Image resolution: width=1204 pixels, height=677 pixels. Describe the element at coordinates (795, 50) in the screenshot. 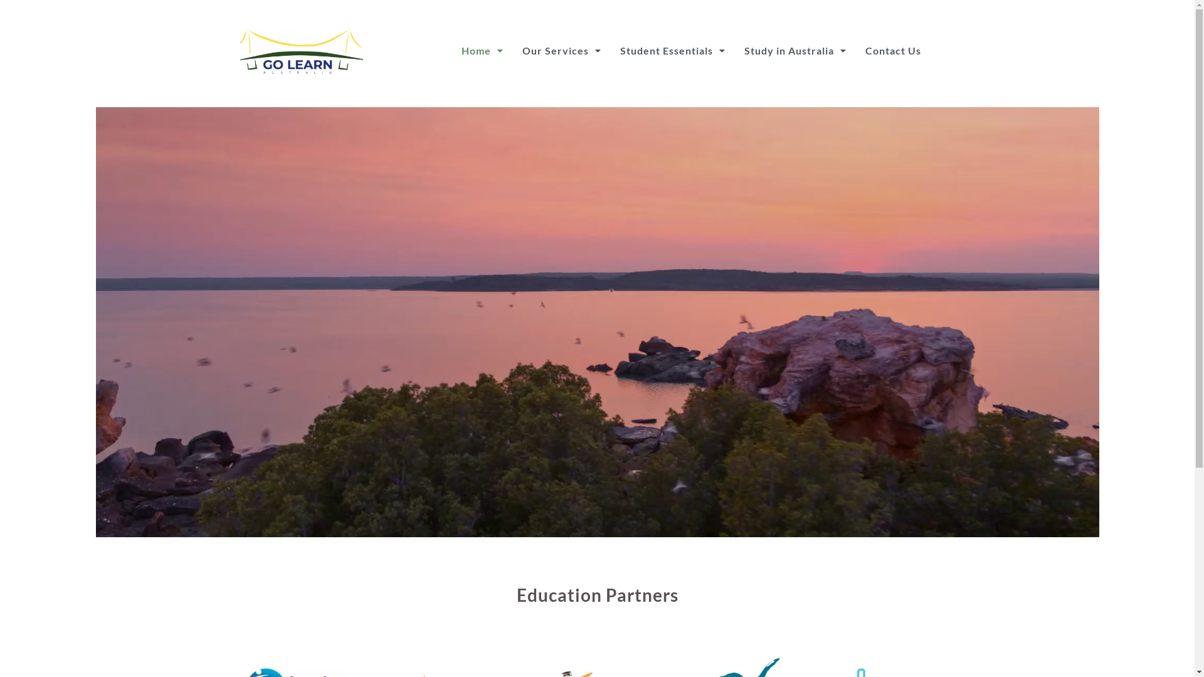

I see `'Study in Australia'` at that location.